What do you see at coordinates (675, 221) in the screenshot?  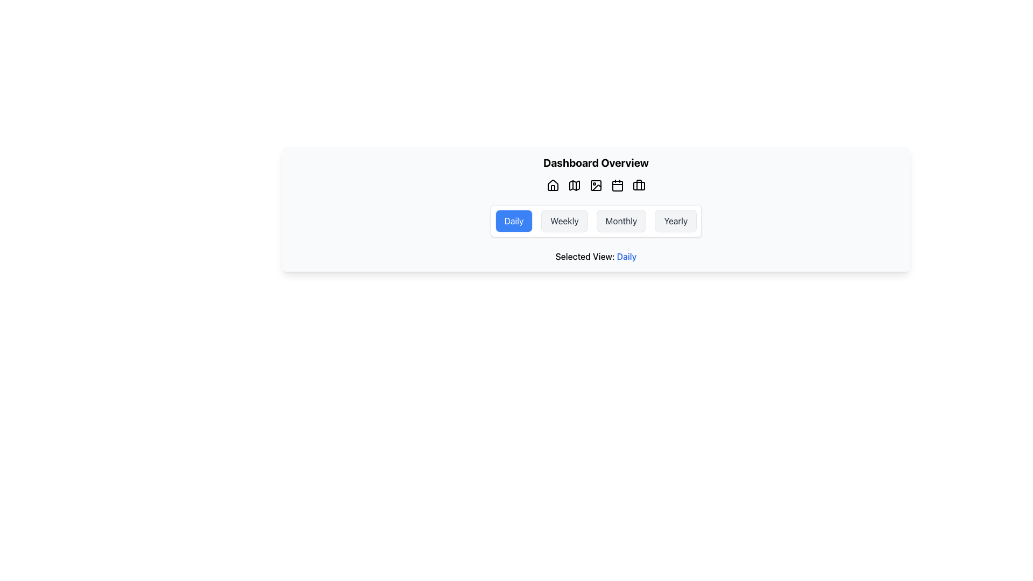 I see `the 'Yearly' button, which is the last button in a group of four buttons labeled 'Daily', 'Weekly', 'Monthly', and 'Yearly'` at bounding box center [675, 221].